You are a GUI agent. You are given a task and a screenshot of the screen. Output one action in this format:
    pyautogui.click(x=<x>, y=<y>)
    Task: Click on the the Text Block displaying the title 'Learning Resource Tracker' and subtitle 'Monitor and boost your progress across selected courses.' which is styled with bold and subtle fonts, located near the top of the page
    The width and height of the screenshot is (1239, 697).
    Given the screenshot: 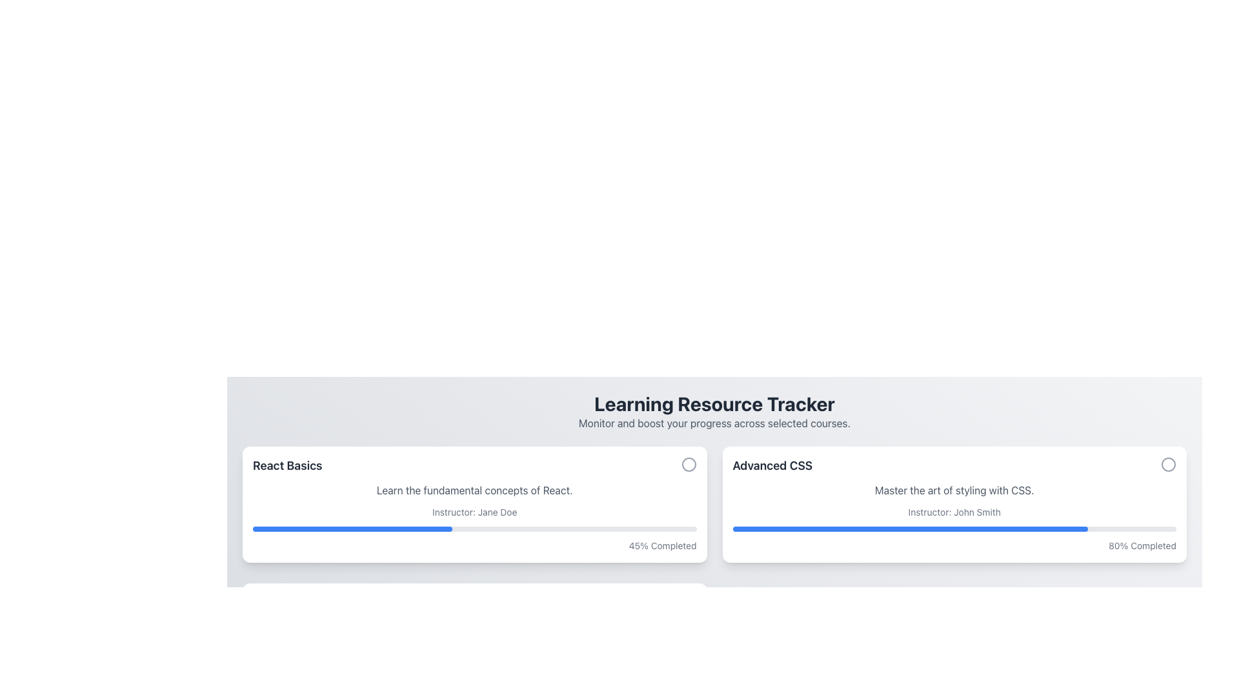 What is the action you would take?
    pyautogui.click(x=714, y=411)
    